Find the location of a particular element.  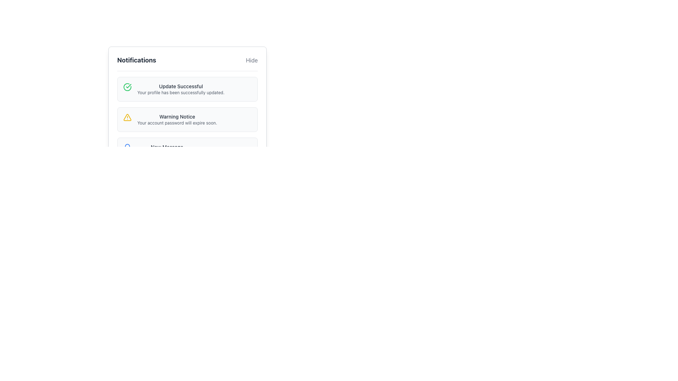

displayed notifications from the Notification list, which serves as a notifications display area for updates, warnings, and alerts is located at coordinates (188, 119).